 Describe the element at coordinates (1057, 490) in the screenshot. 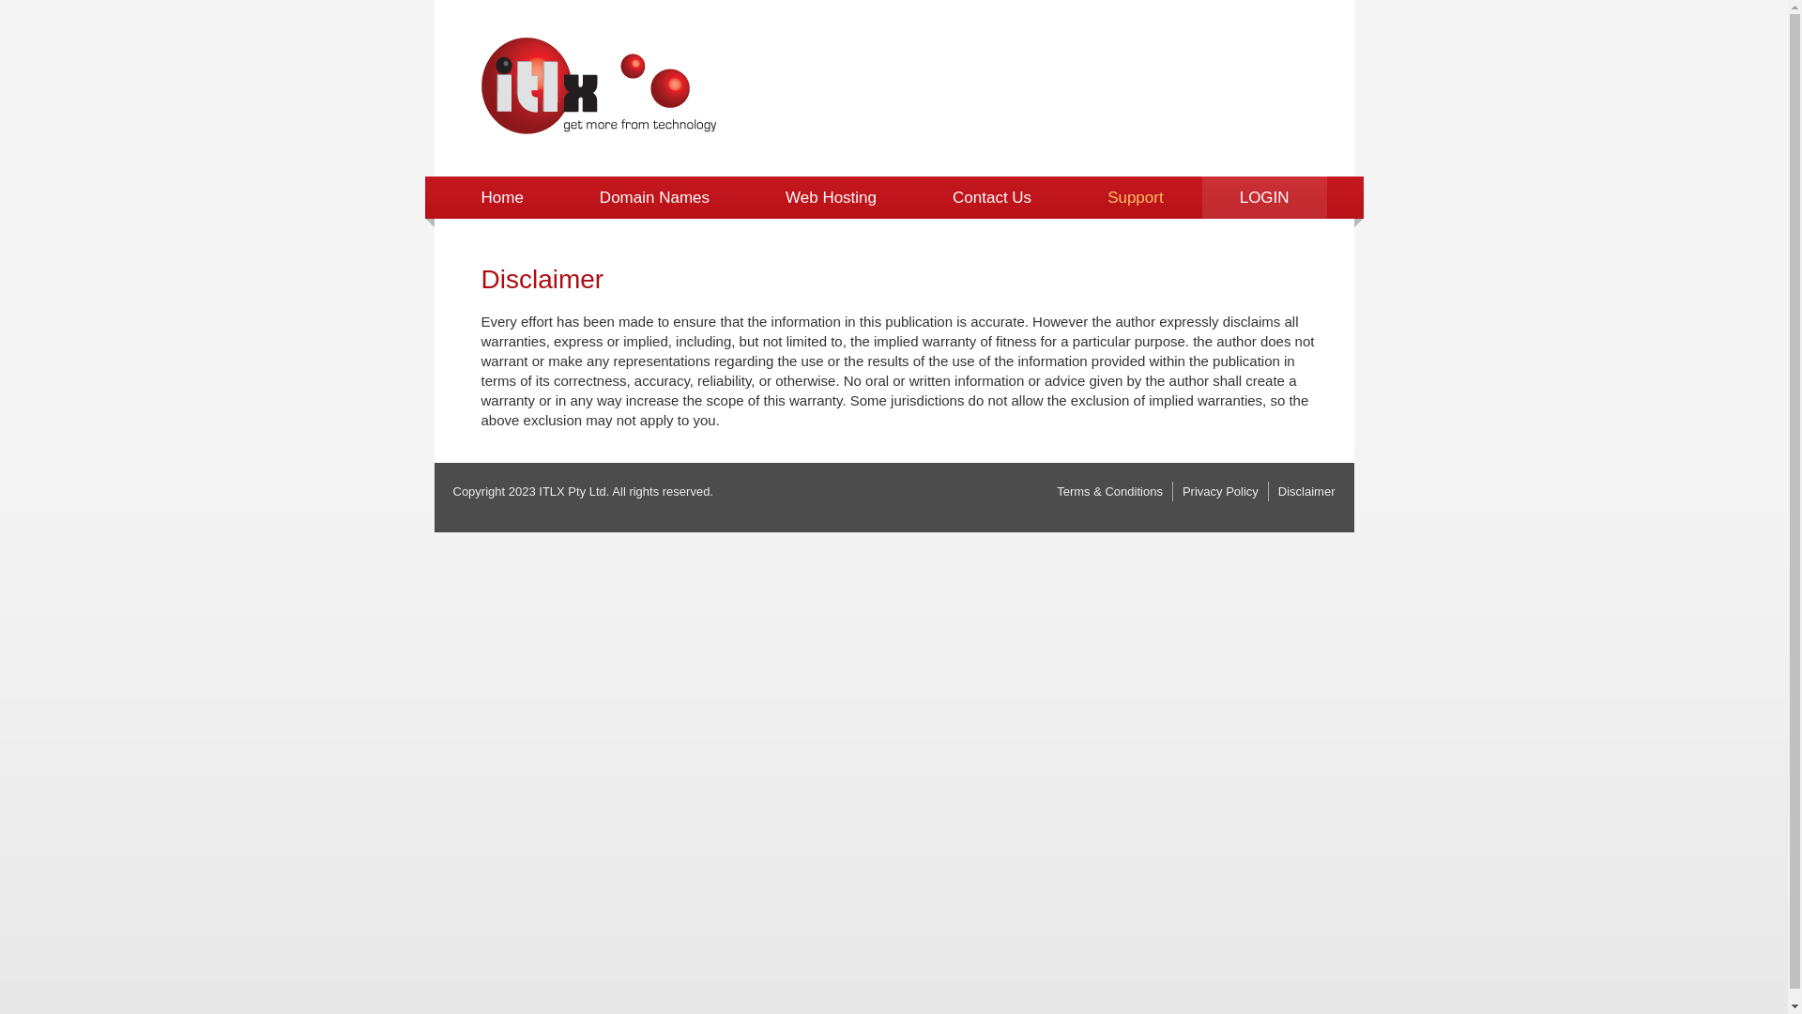

I see `'Terms & Conditions'` at that location.